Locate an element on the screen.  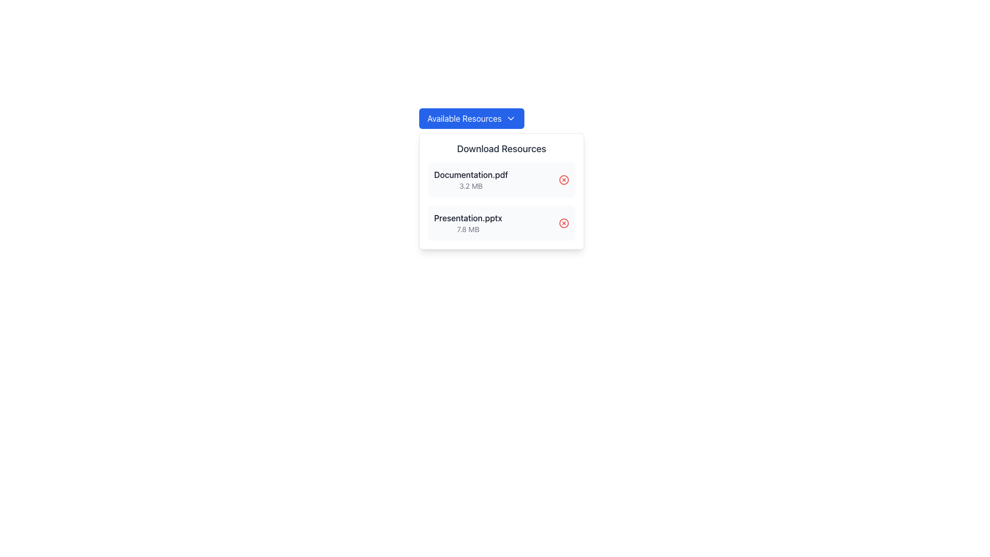
the file name is located at coordinates (501, 191).